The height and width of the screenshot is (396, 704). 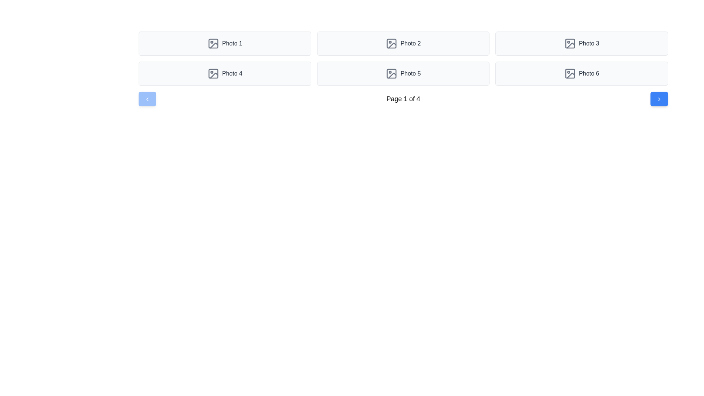 What do you see at coordinates (213, 44) in the screenshot?
I see `the graphical component within the photo placeholder icon located in the first cell of the grid representing 'Photo 1'` at bounding box center [213, 44].